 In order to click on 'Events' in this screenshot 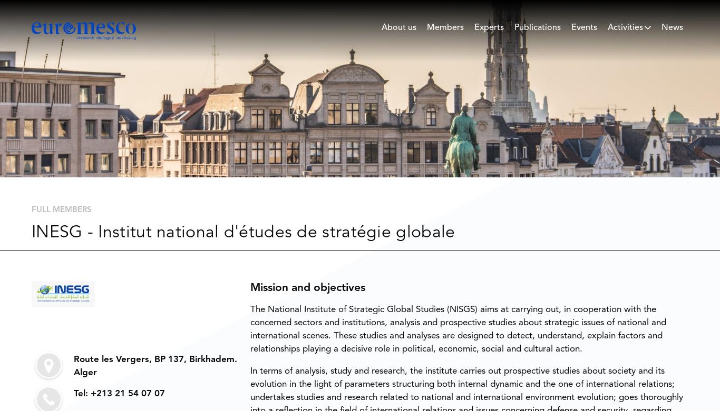, I will do `click(583, 27)`.